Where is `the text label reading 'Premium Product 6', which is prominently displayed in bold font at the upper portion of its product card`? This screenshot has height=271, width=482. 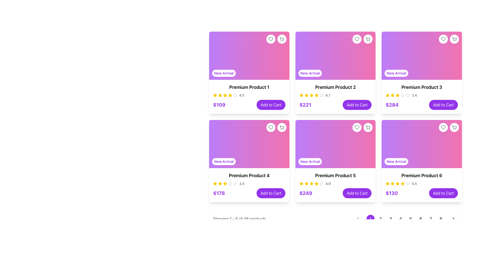
the text label reading 'Premium Product 6', which is prominently displayed in bold font at the upper portion of its product card is located at coordinates (422, 175).